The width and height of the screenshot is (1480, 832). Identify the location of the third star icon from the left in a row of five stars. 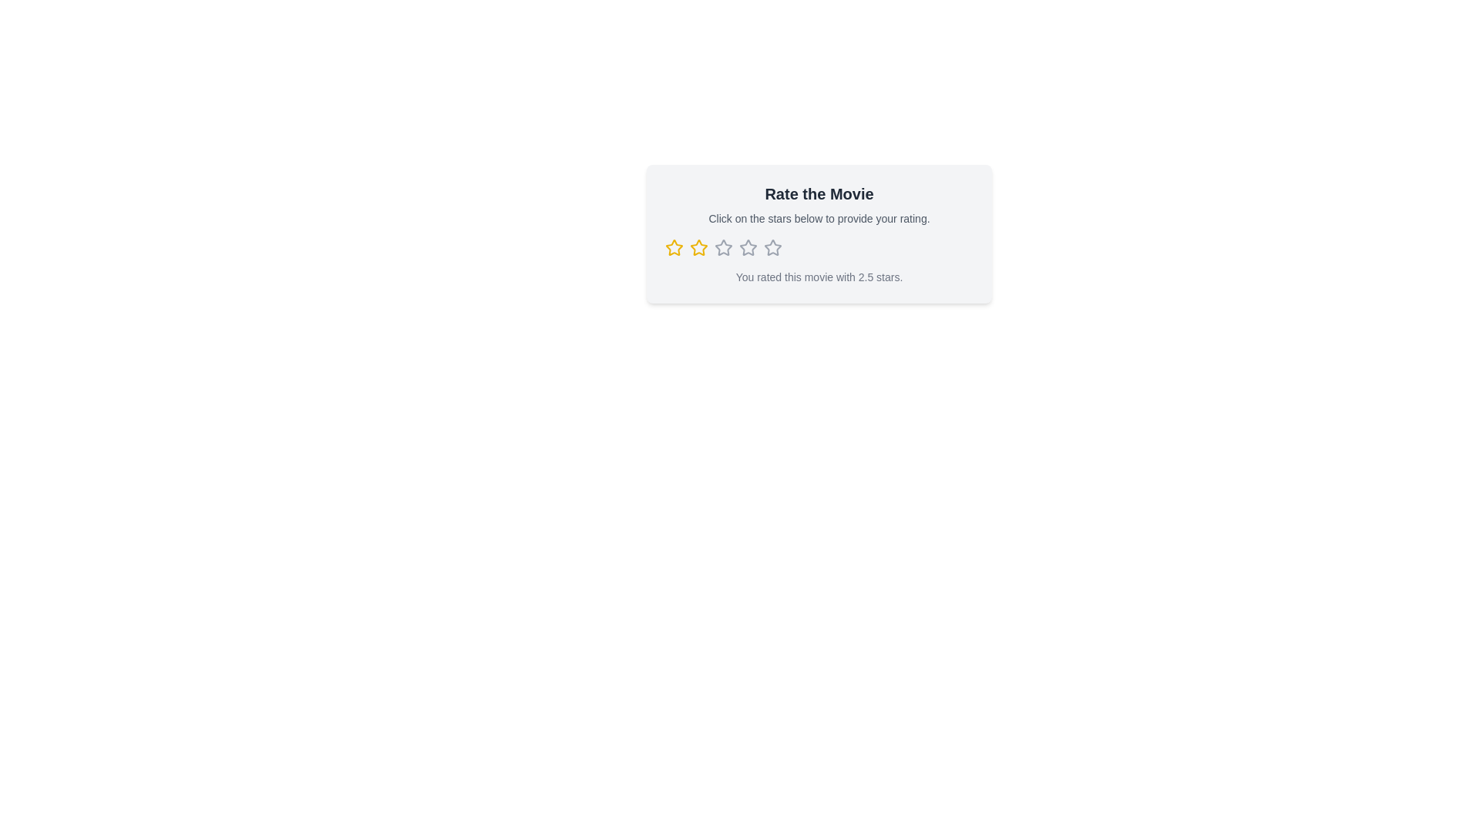
(748, 247).